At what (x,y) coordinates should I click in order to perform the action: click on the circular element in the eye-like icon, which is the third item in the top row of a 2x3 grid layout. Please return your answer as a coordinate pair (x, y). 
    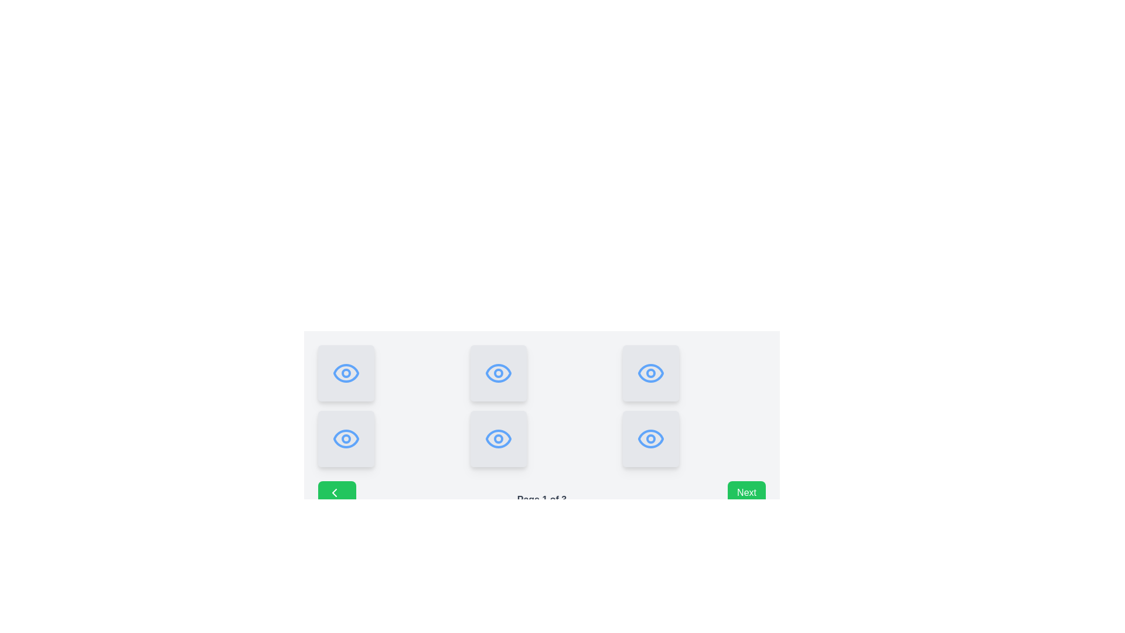
    Looking at the image, I should click on (650, 373).